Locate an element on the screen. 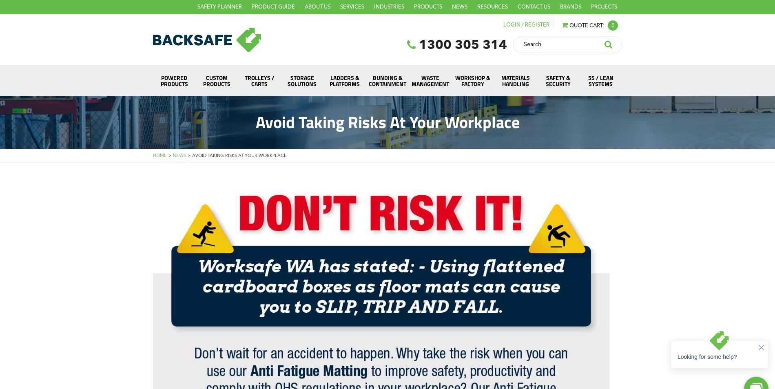 The height and width of the screenshot is (389, 775). '5S / Lean Systems' is located at coordinates (600, 80).